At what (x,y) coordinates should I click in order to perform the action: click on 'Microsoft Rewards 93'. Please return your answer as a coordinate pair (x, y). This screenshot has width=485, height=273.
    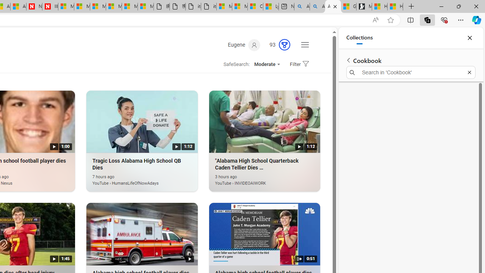
    Looking at the image, I should click on (276, 45).